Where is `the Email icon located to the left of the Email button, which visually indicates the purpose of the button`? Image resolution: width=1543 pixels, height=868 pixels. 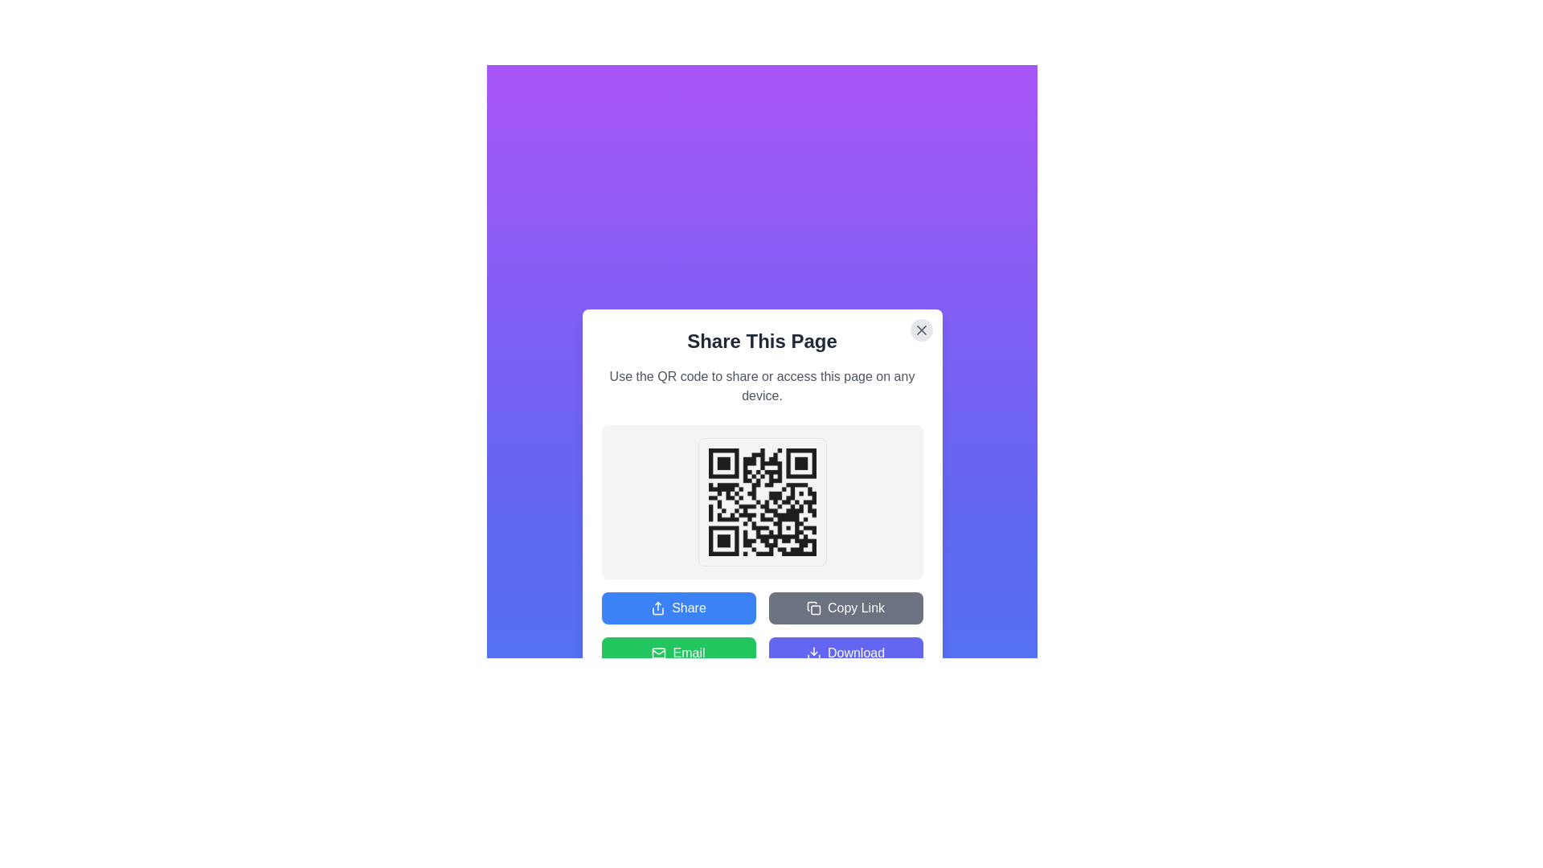 the Email icon located to the left of the Email button, which visually indicates the purpose of the button is located at coordinates (659, 653).